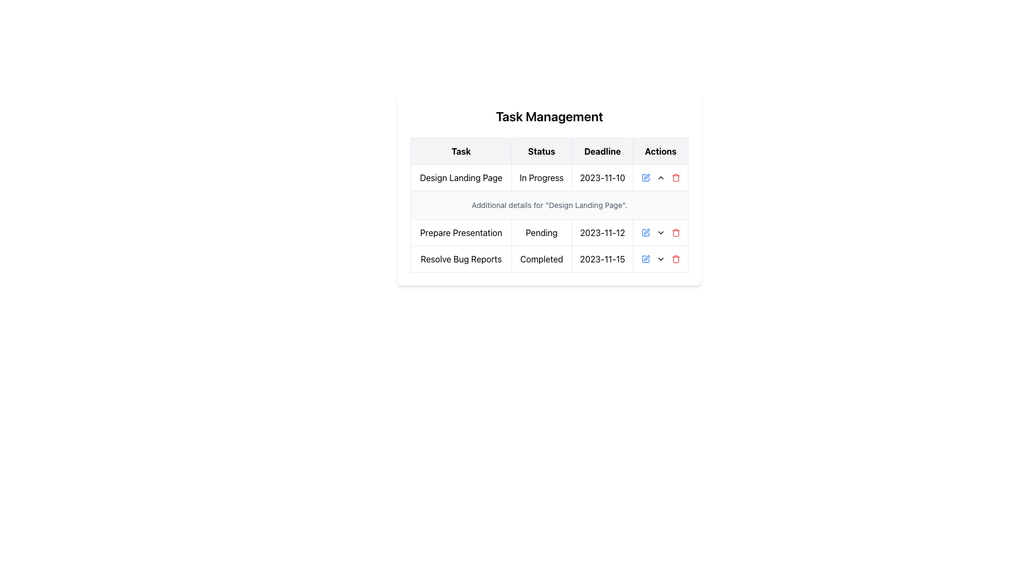  Describe the element at coordinates (541, 259) in the screenshot. I see `the 'Completed' text label in the 'Status' column of the 'Resolve Bug Reports' row` at that location.